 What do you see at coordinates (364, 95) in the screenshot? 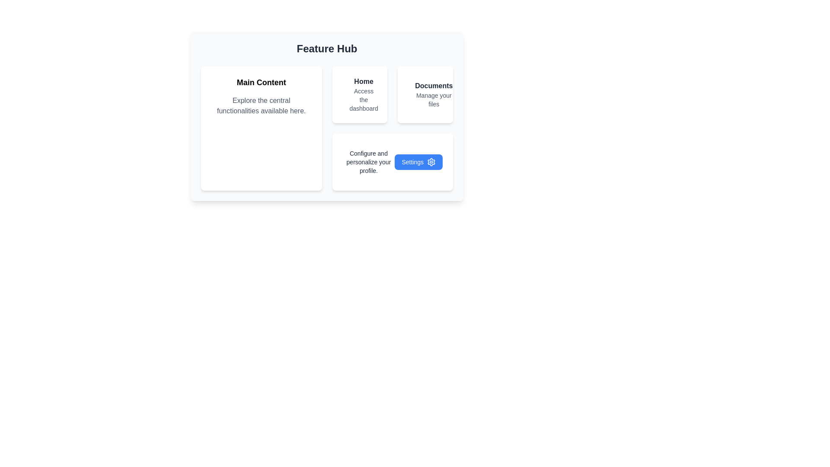
I see `the Text label in the Feature Hub grid layout` at bounding box center [364, 95].